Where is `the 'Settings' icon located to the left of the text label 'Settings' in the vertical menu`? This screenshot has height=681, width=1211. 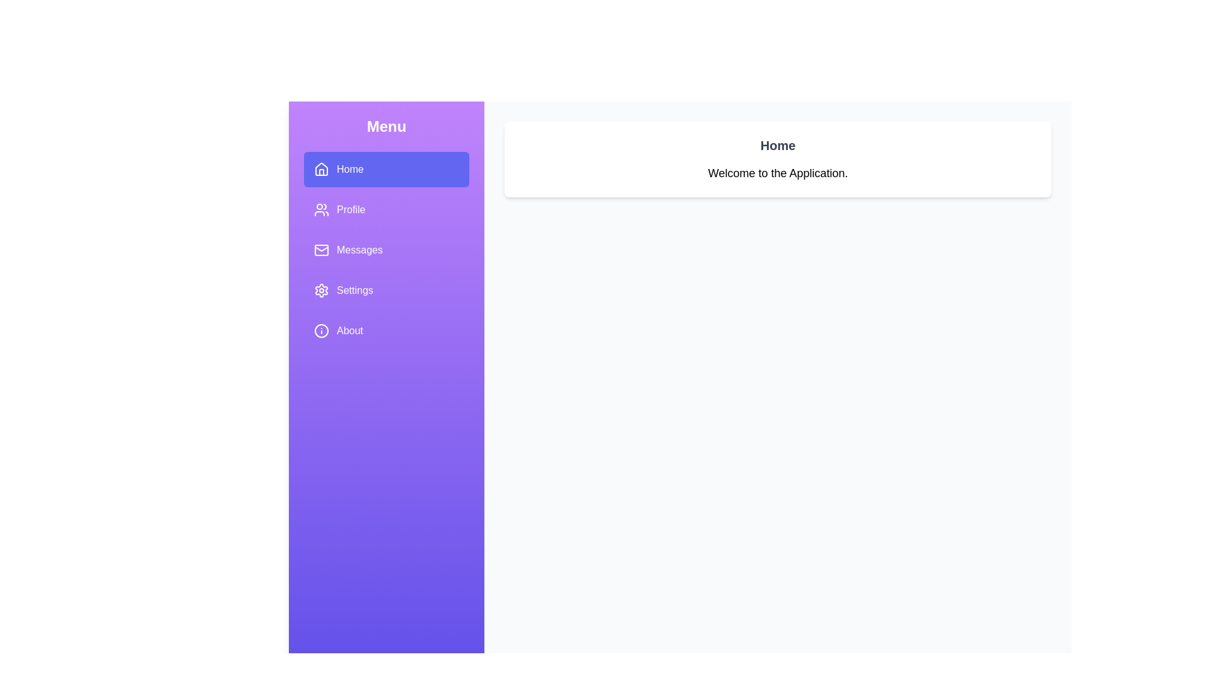
the 'Settings' icon located to the left of the text label 'Settings' in the vertical menu is located at coordinates (321, 291).